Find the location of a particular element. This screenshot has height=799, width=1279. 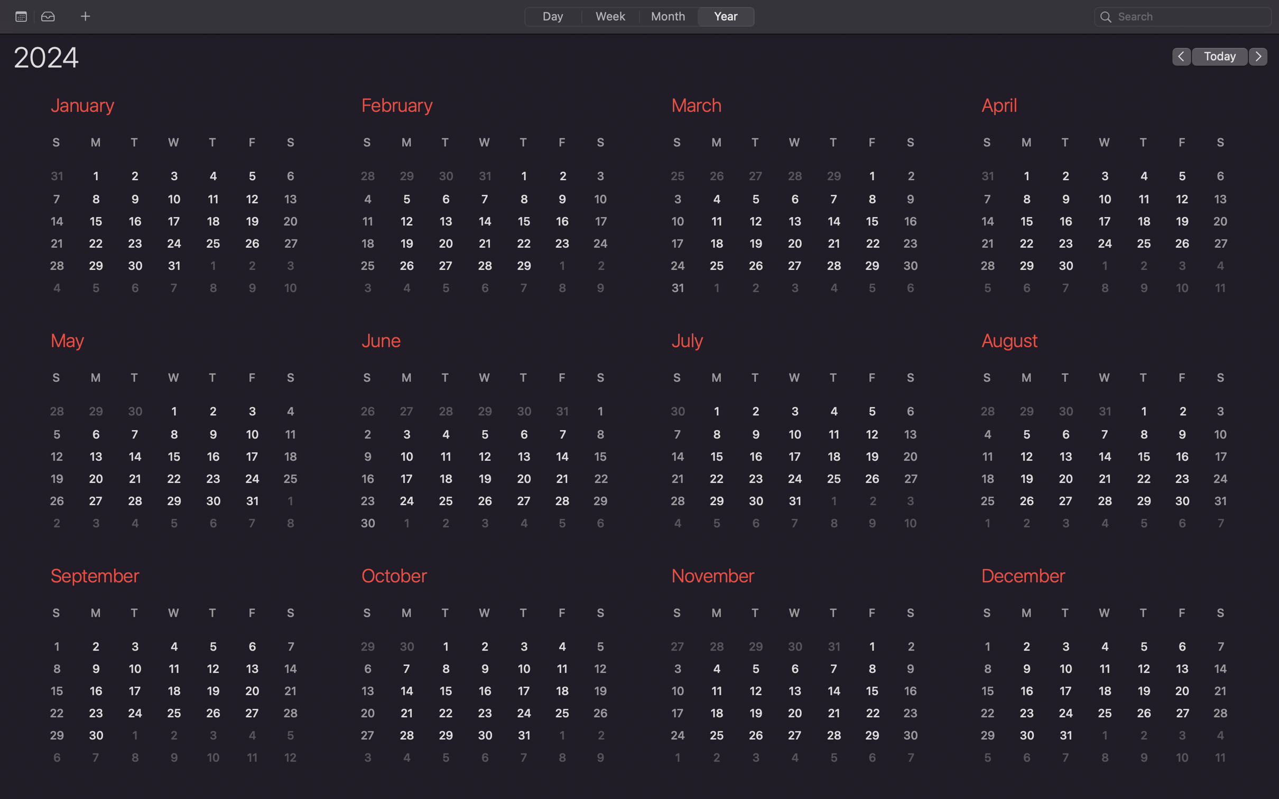

the February month on the calendar to browse its activities is located at coordinates (481, 199).